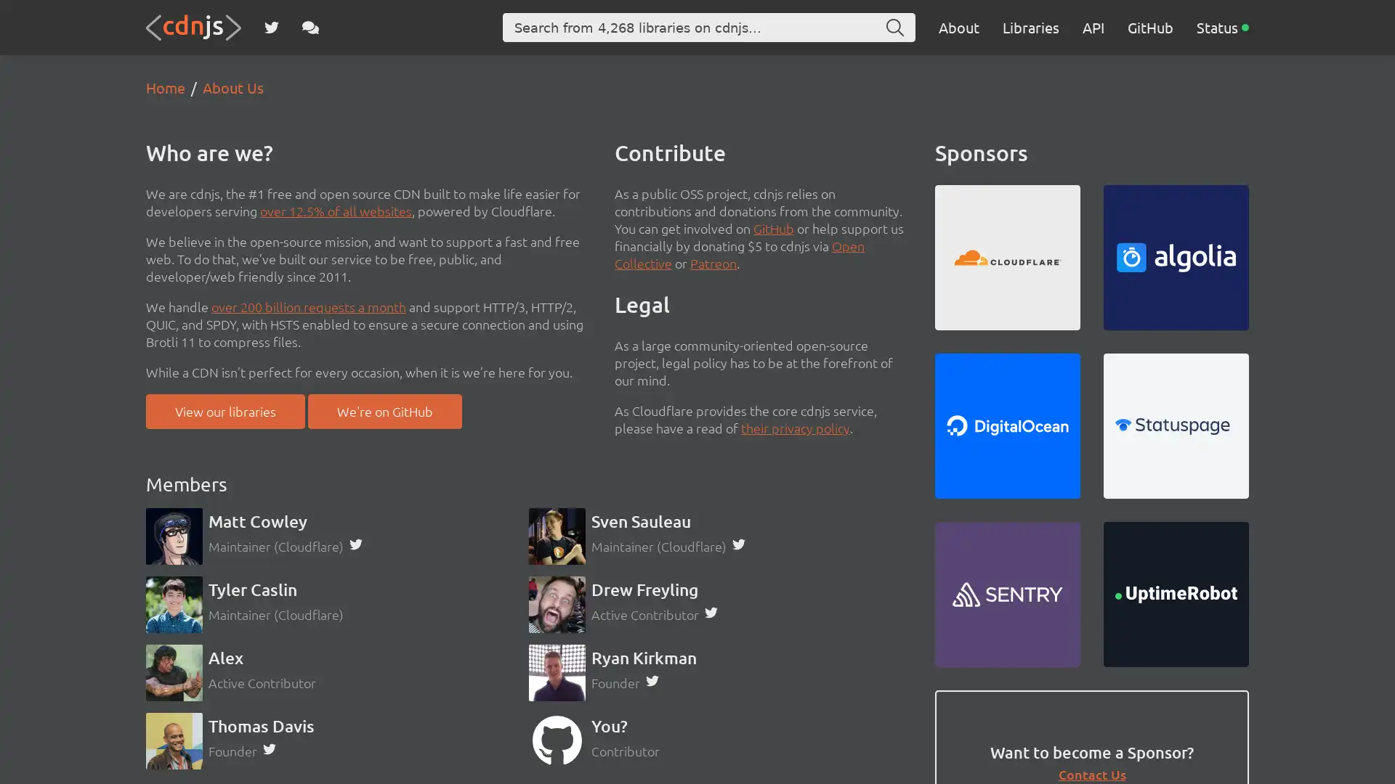 The image size is (1395, 784). What do you see at coordinates (894, 28) in the screenshot?
I see `Search` at bounding box center [894, 28].